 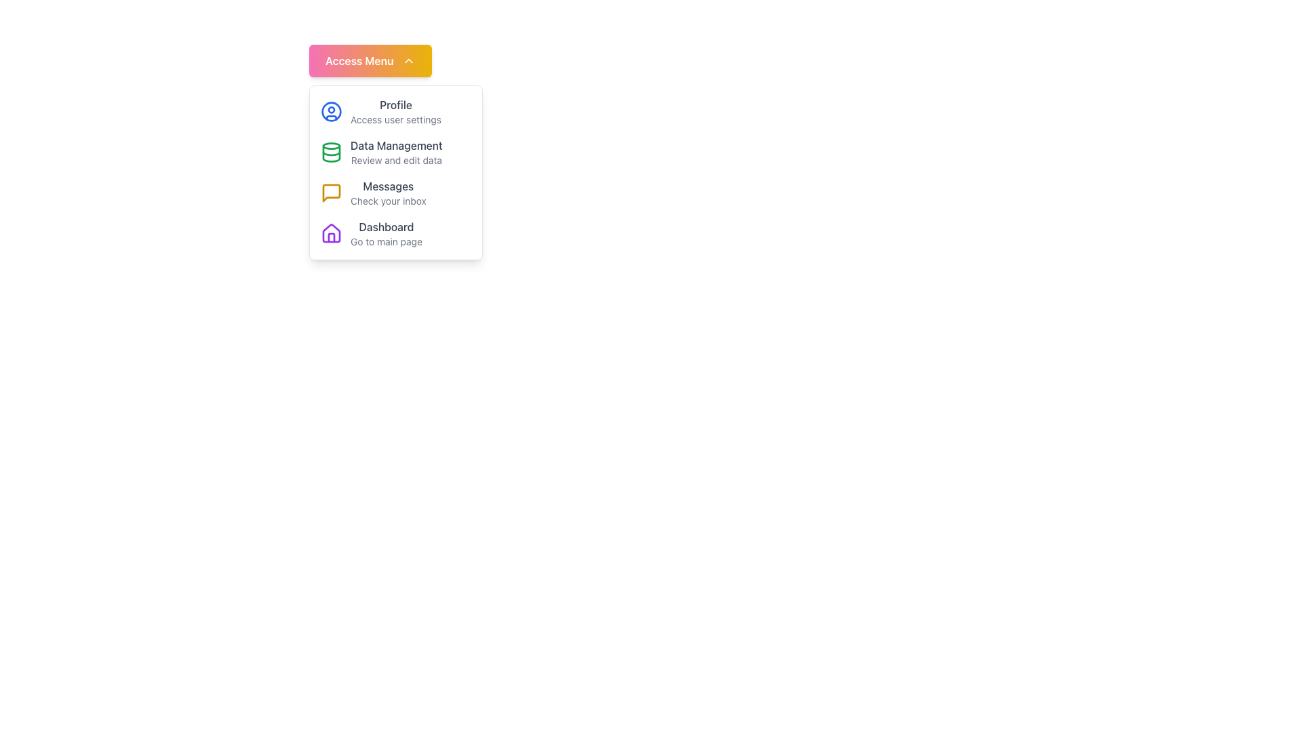 What do you see at coordinates (395, 104) in the screenshot?
I see `the Text Label indicating 'Profile' within the dropdown menu, positioned immediately to the right of the user avatar icon` at bounding box center [395, 104].